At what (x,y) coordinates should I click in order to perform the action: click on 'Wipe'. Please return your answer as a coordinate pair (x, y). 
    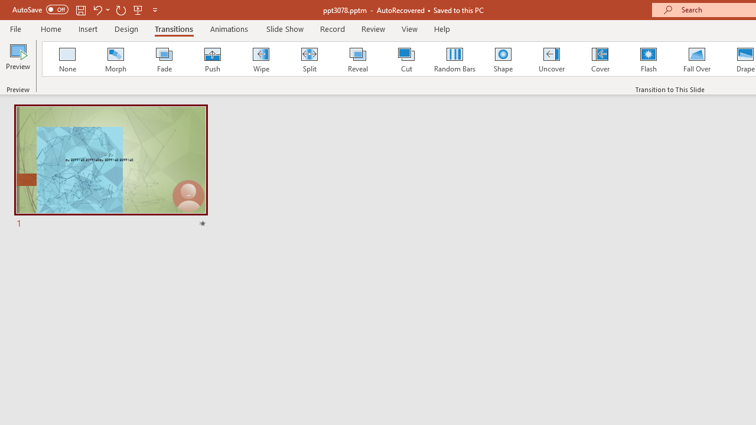
    Looking at the image, I should click on (260, 59).